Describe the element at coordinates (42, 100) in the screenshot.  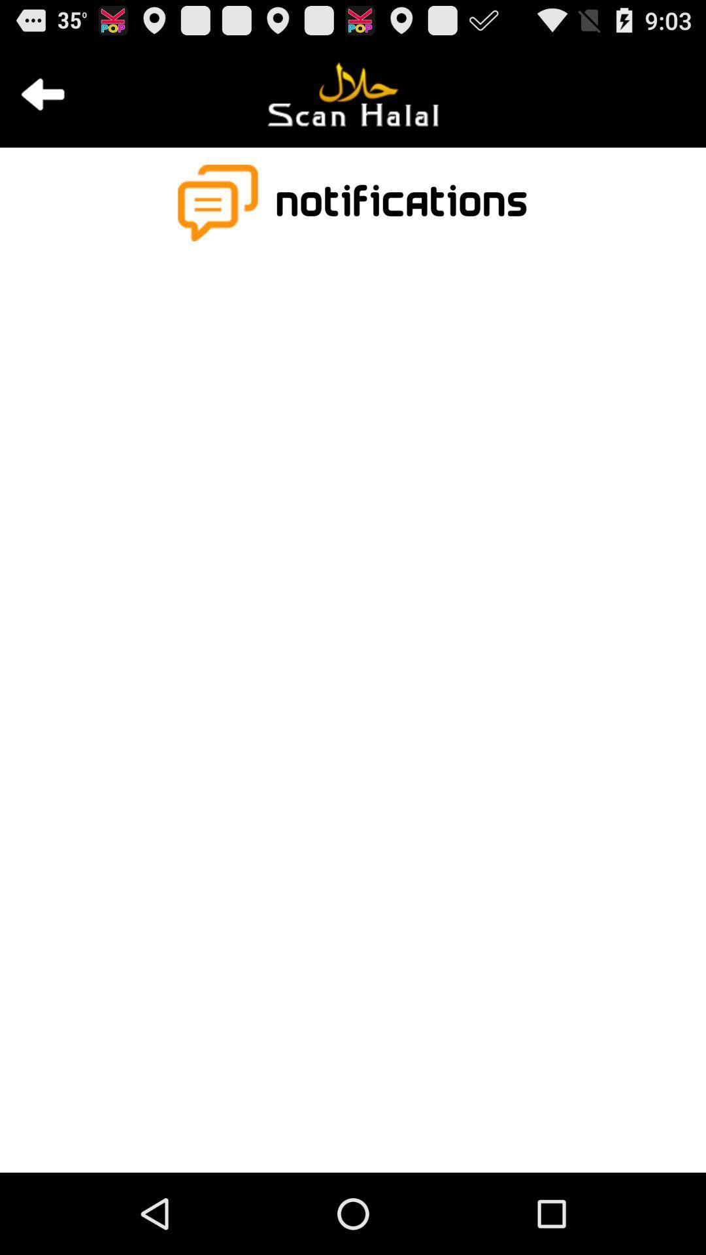
I see `the arrow_backward icon` at that location.